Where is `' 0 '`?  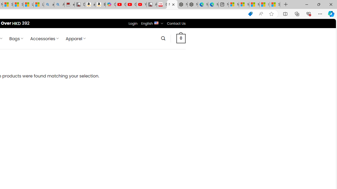
' 0 ' is located at coordinates (181, 38).